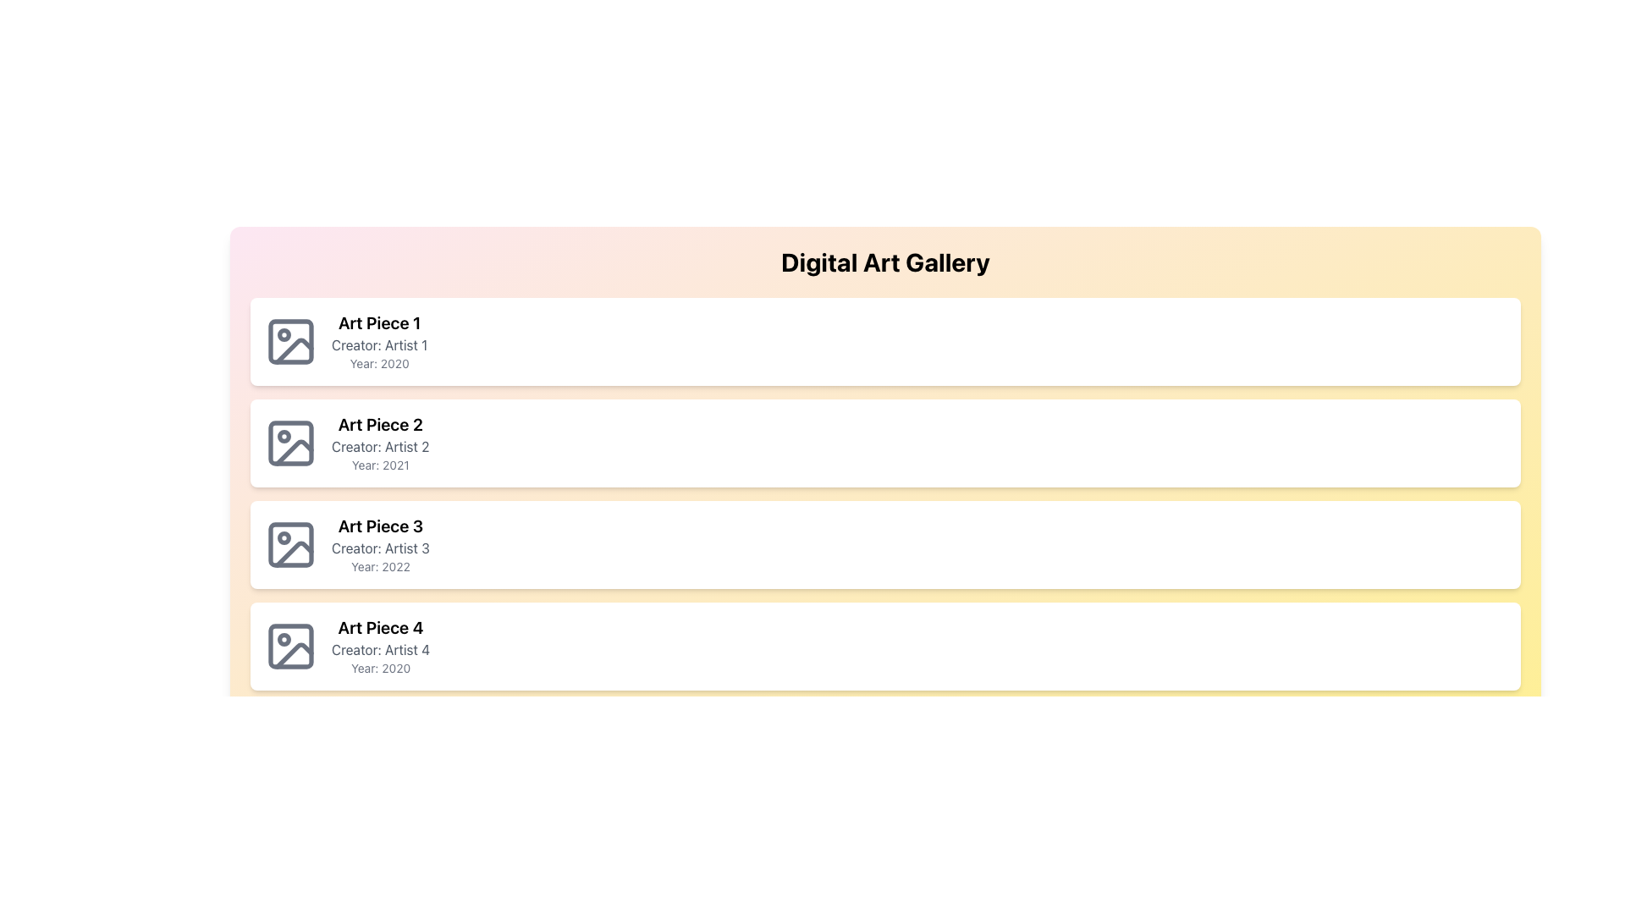 This screenshot has height=914, width=1625. Describe the element at coordinates (291, 342) in the screenshot. I see `the icon representing a landscape, which is styled with a square outline and is located to the left of 'Art Piece 1' in the first card of a vertical list layout` at that location.